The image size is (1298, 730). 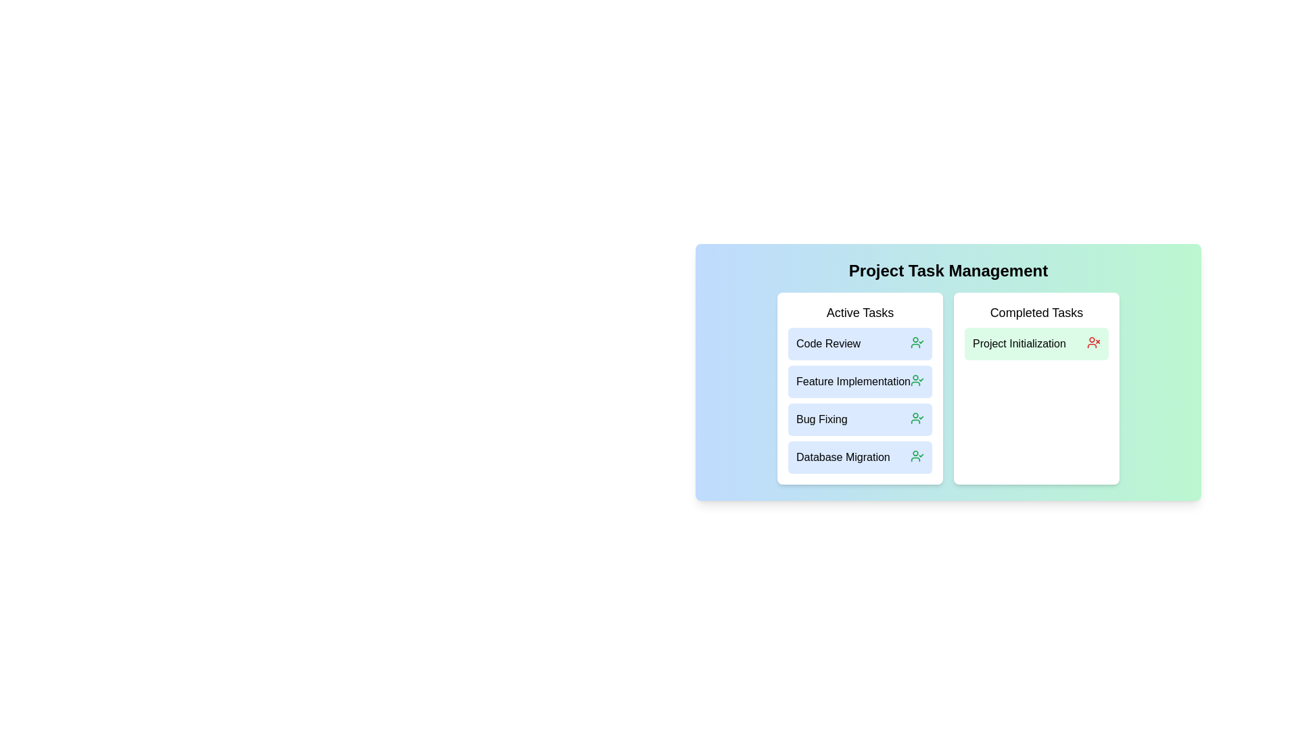 What do you see at coordinates (917, 456) in the screenshot?
I see `the 'UserCheck' icon next to the task 'Database Migration' in the Active Tasks list` at bounding box center [917, 456].